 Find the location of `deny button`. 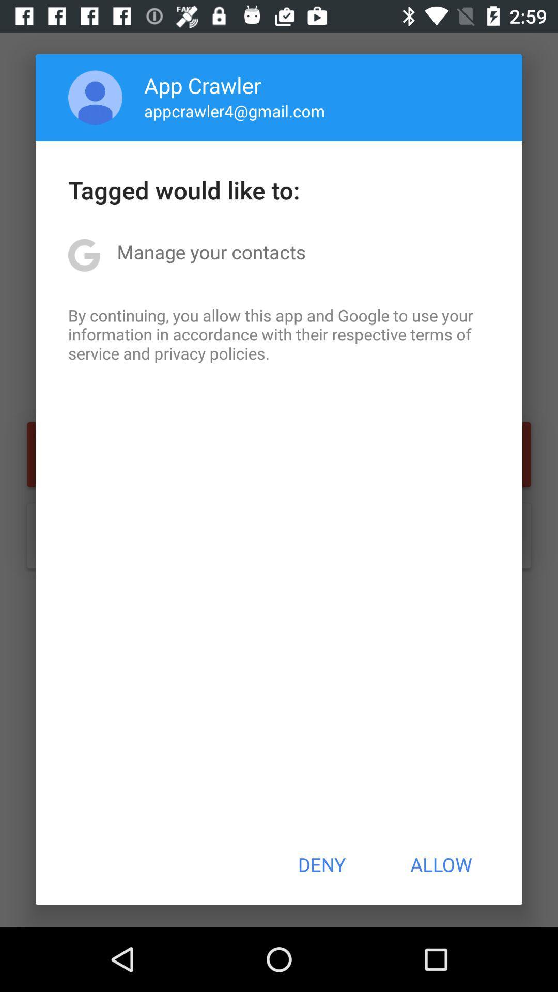

deny button is located at coordinates (321, 864).